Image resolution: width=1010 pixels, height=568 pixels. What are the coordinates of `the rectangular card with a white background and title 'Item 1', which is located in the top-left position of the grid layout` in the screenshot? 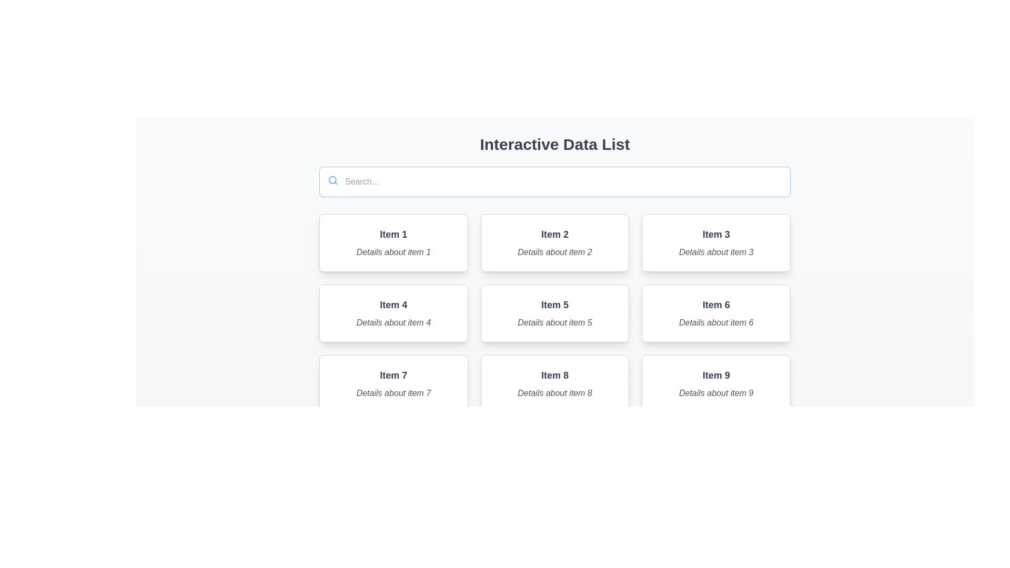 It's located at (393, 243).